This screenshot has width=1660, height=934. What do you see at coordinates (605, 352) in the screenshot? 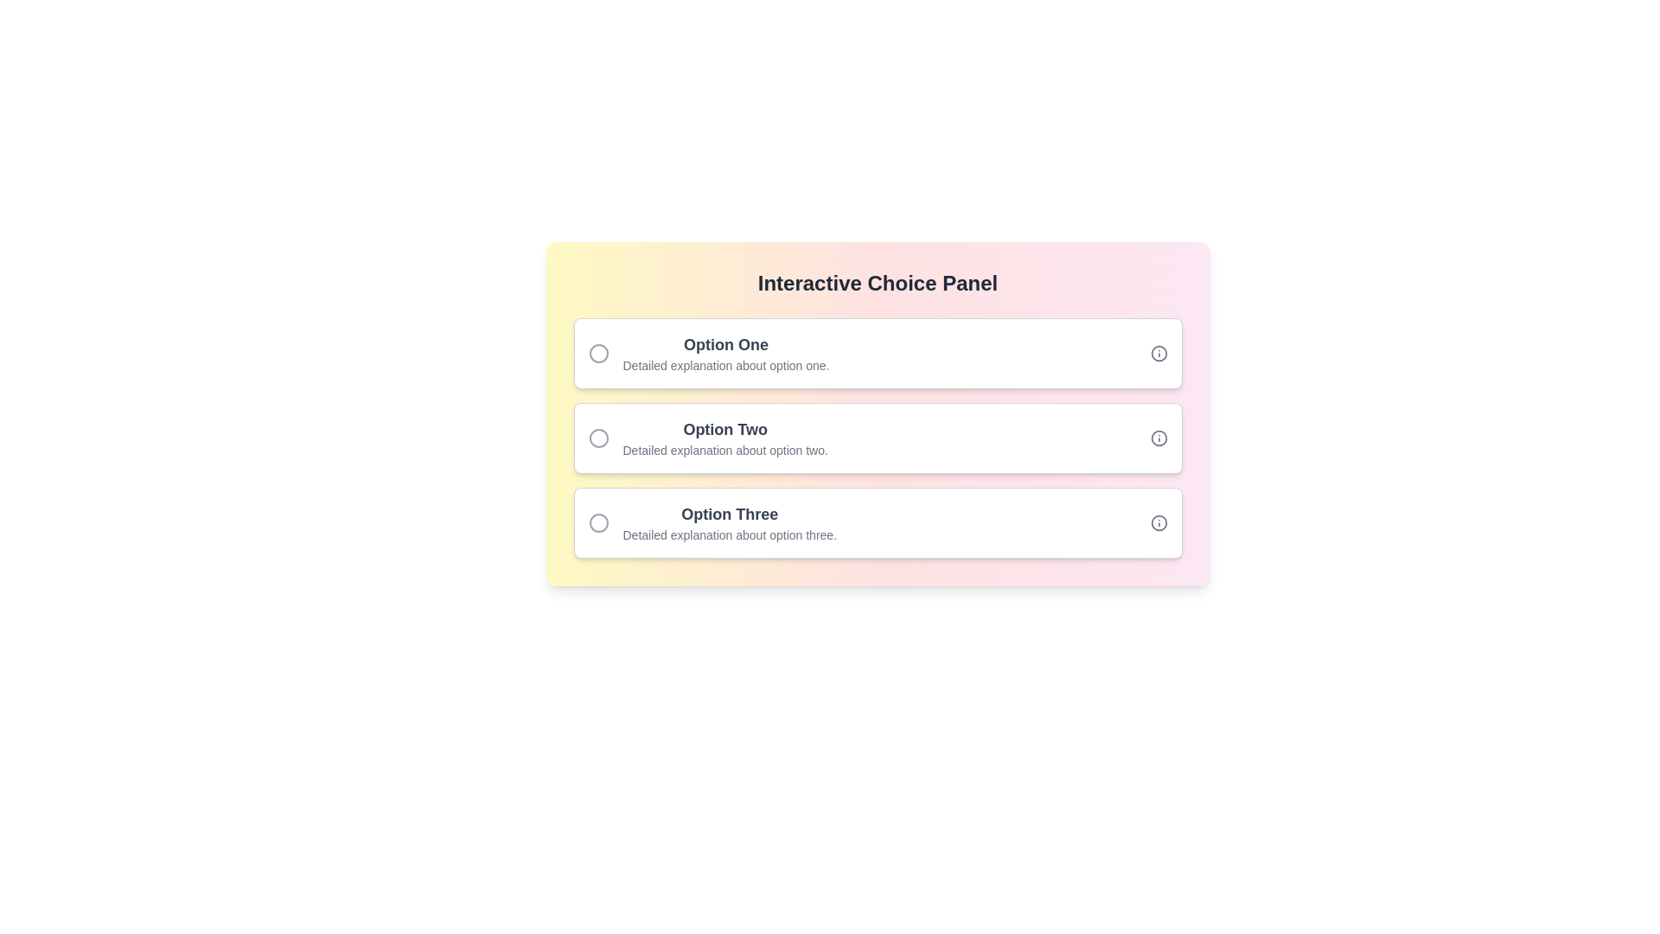
I see `the radio button located to the left of the 'Option One' label in the interactive choice panel` at bounding box center [605, 352].